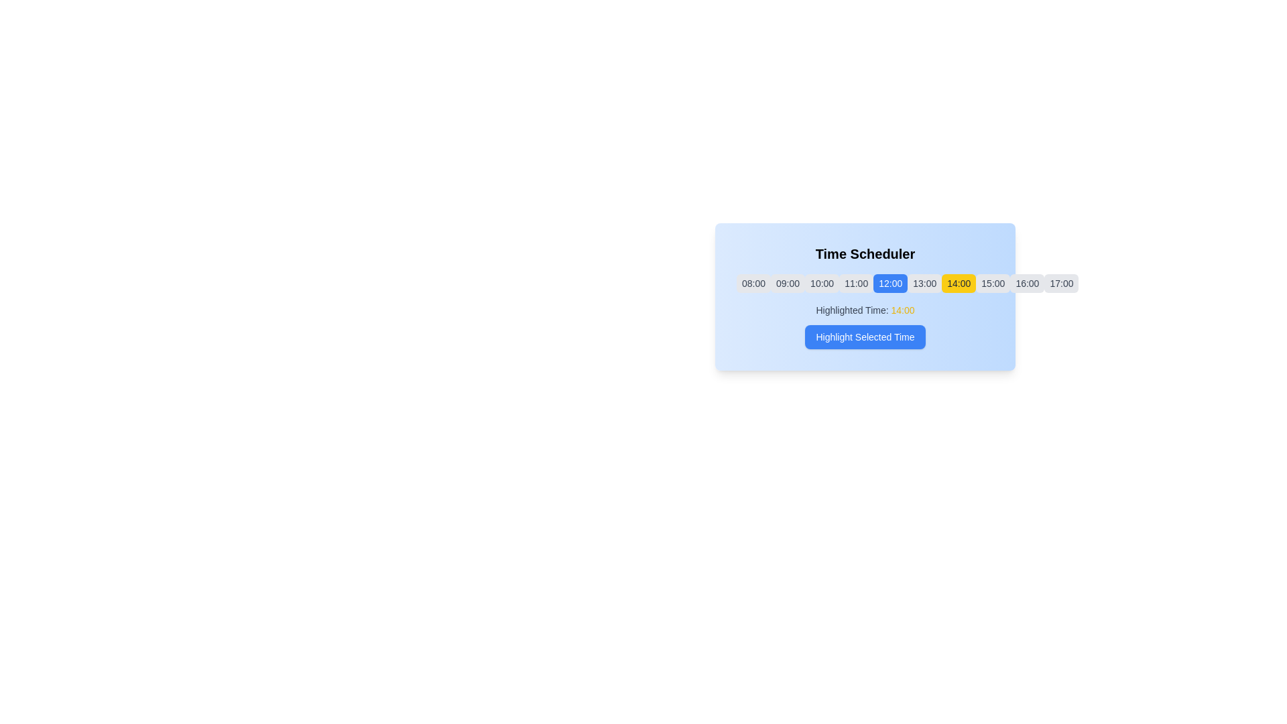 The height and width of the screenshot is (724, 1287). Describe the element at coordinates (865, 310) in the screenshot. I see `the text label displaying 'Highlighted Time: 14:00', which has the time highlighted in yellow and is positioned above the 'Highlight Selected Time' button` at that location.